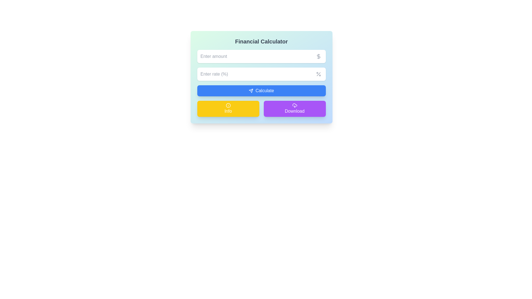  I want to click on the visual representation of the 'information' icon enclosed within a circular shape, which is part of the yellow 'Info' button located at the bottom-left corner of the layout, so click(228, 105).